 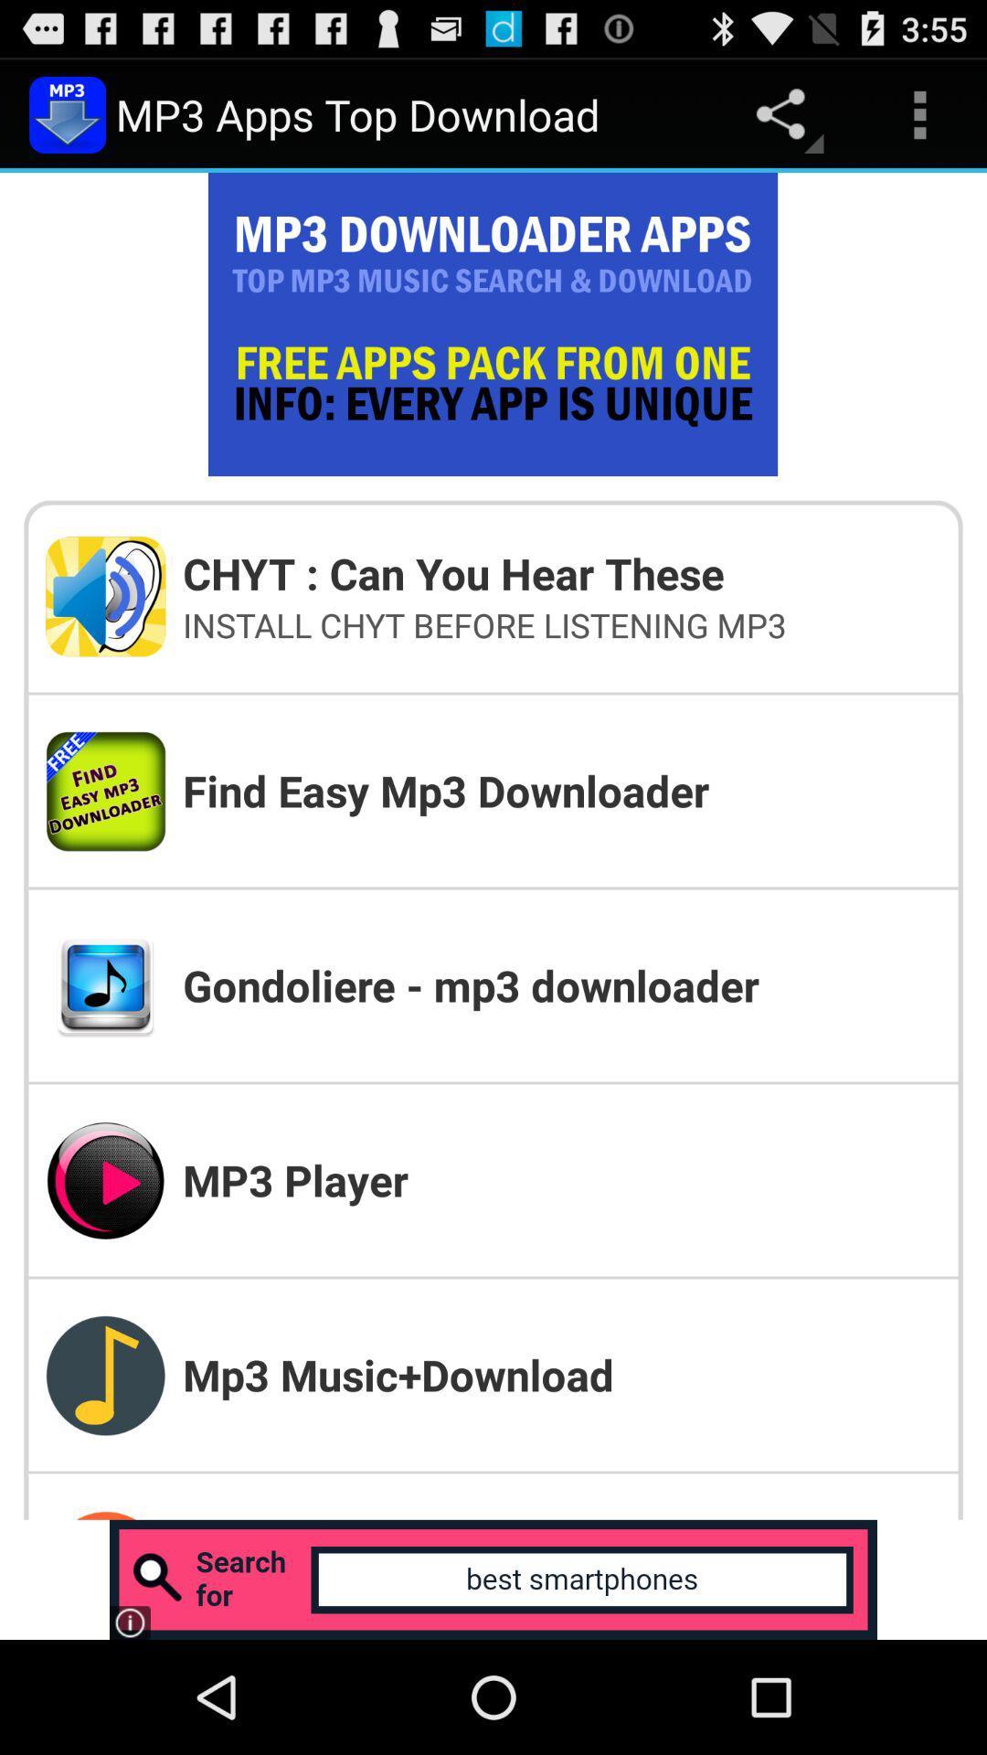 I want to click on the item above chyt can you app, so click(x=919, y=113).